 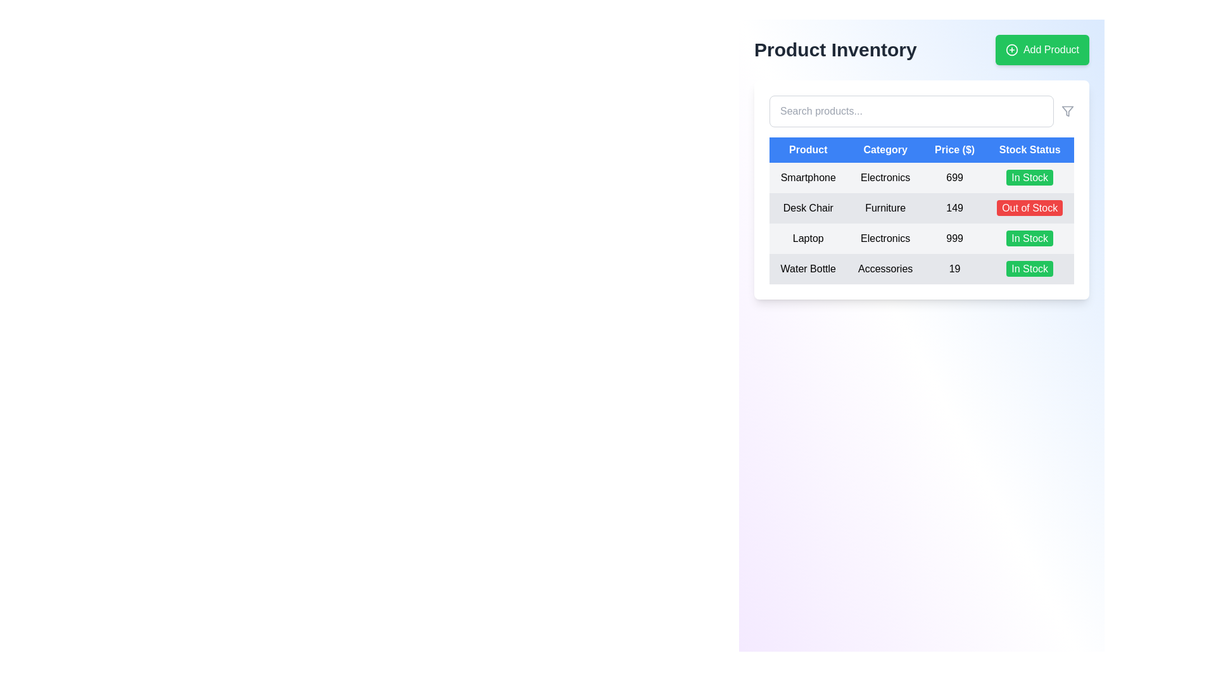 What do you see at coordinates (885, 149) in the screenshot?
I see `the 'Category' label header in the data table, which is positioned between the 'Product' label and the 'Price ($)' label` at bounding box center [885, 149].